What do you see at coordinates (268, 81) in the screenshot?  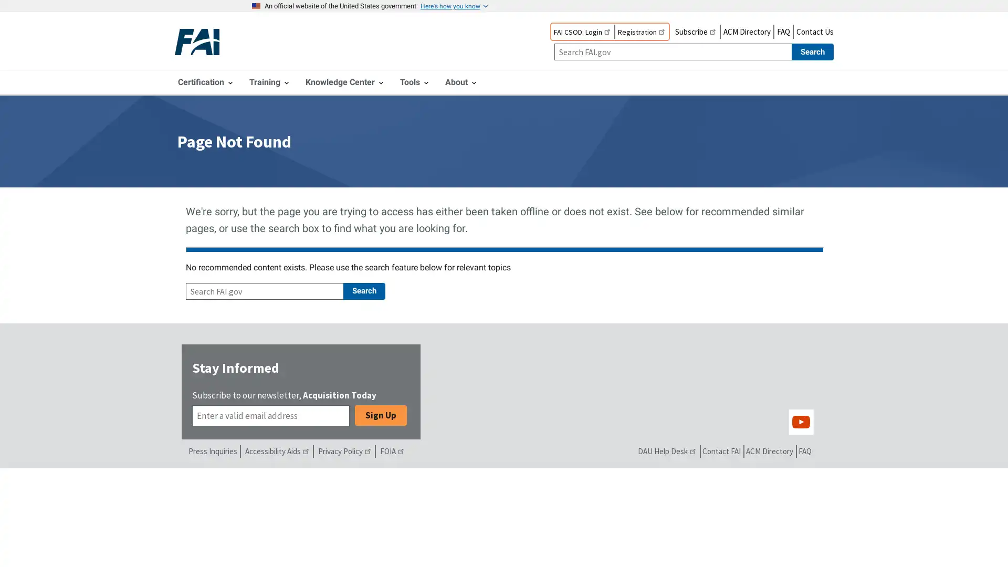 I see `Training` at bounding box center [268, 81].